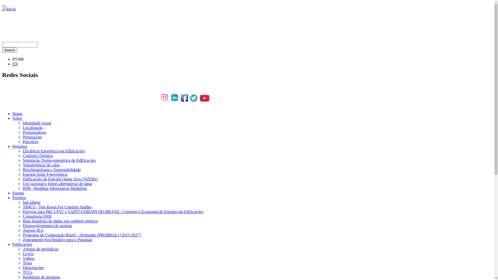 Image resolution: width=498 pixels, height=280 pixels. I want to click on 'Parceiros', so click(30, 142).